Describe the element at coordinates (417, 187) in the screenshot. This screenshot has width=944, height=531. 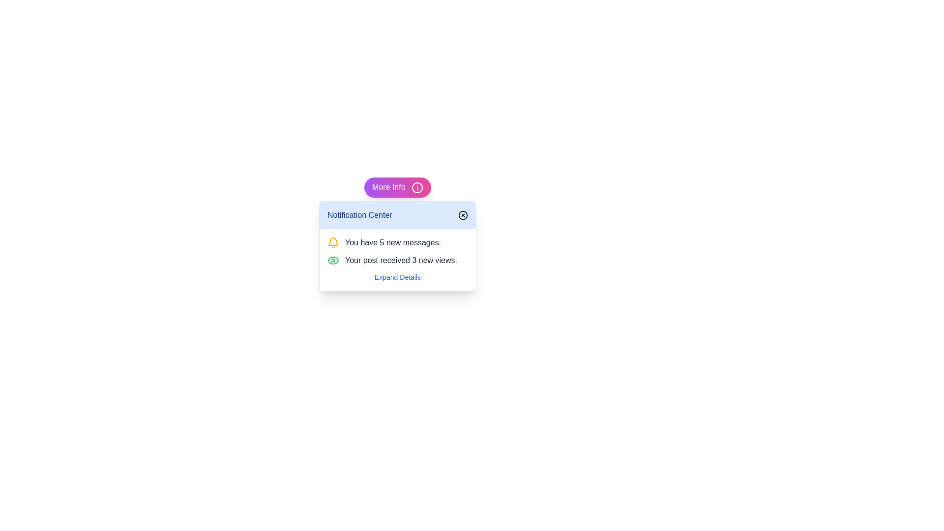
I see `the information icon, which is a minimalist SVG representation located to the right of the 'More Info' text within a gradient-styled button` at that location.